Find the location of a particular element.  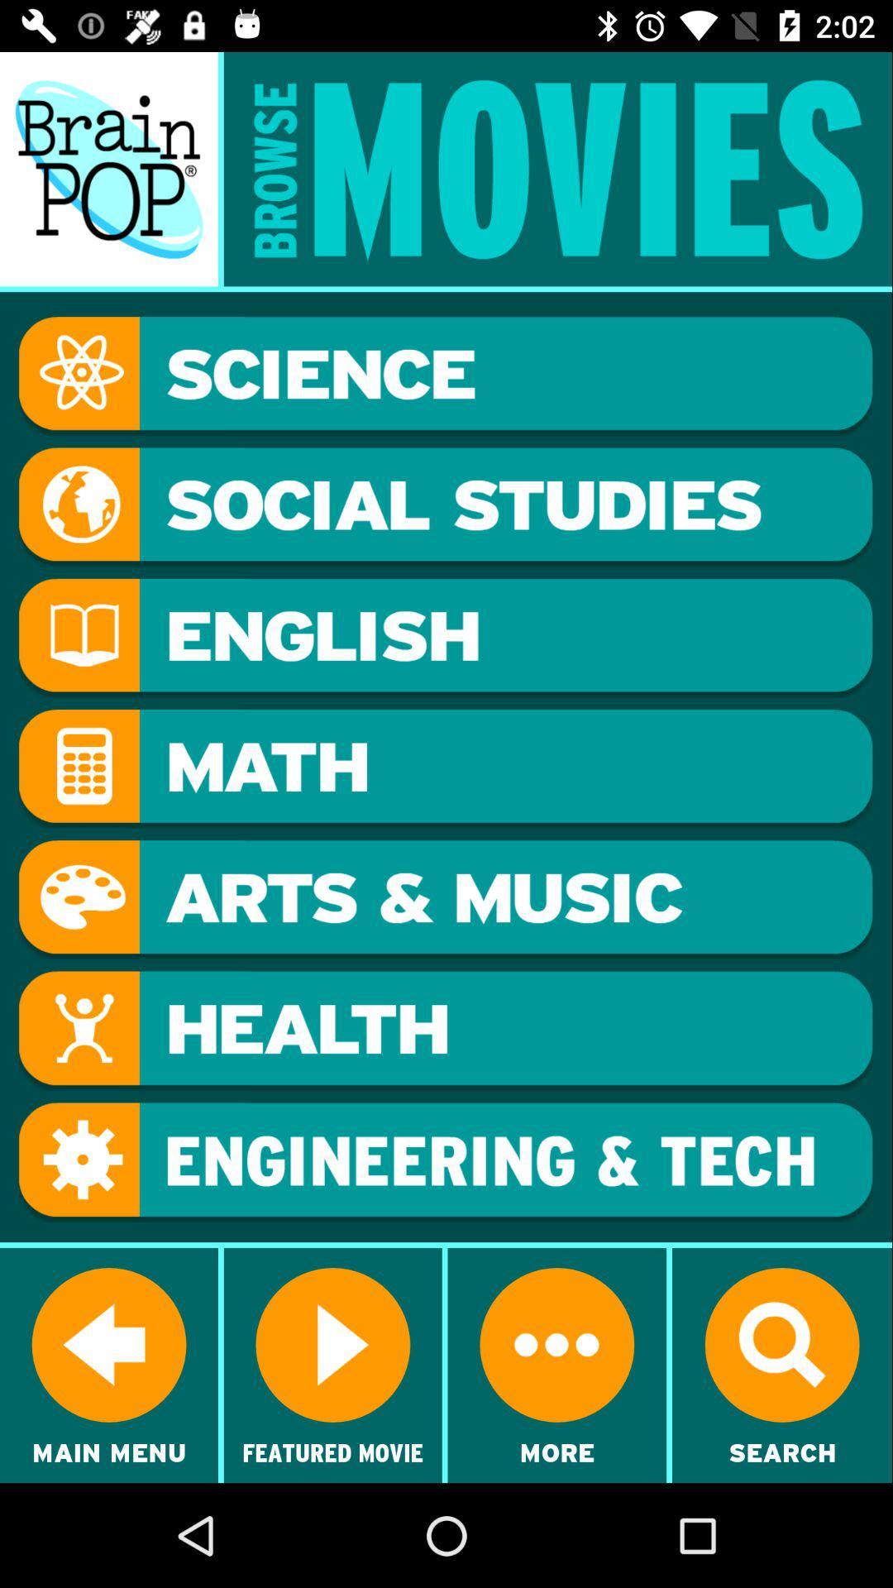

show movies about social studies is located at coordinates (445, 506).